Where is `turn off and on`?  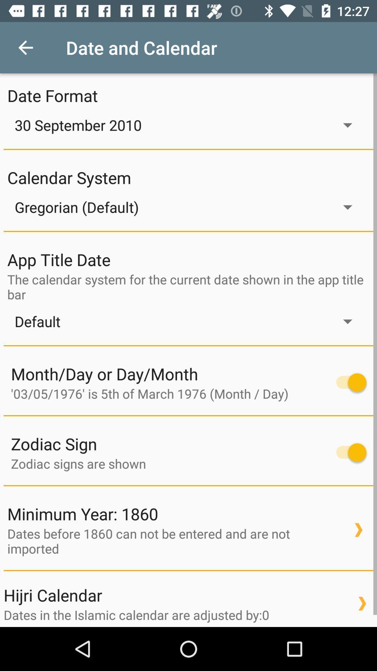 turn off and on is located at coordinates (348, 452).